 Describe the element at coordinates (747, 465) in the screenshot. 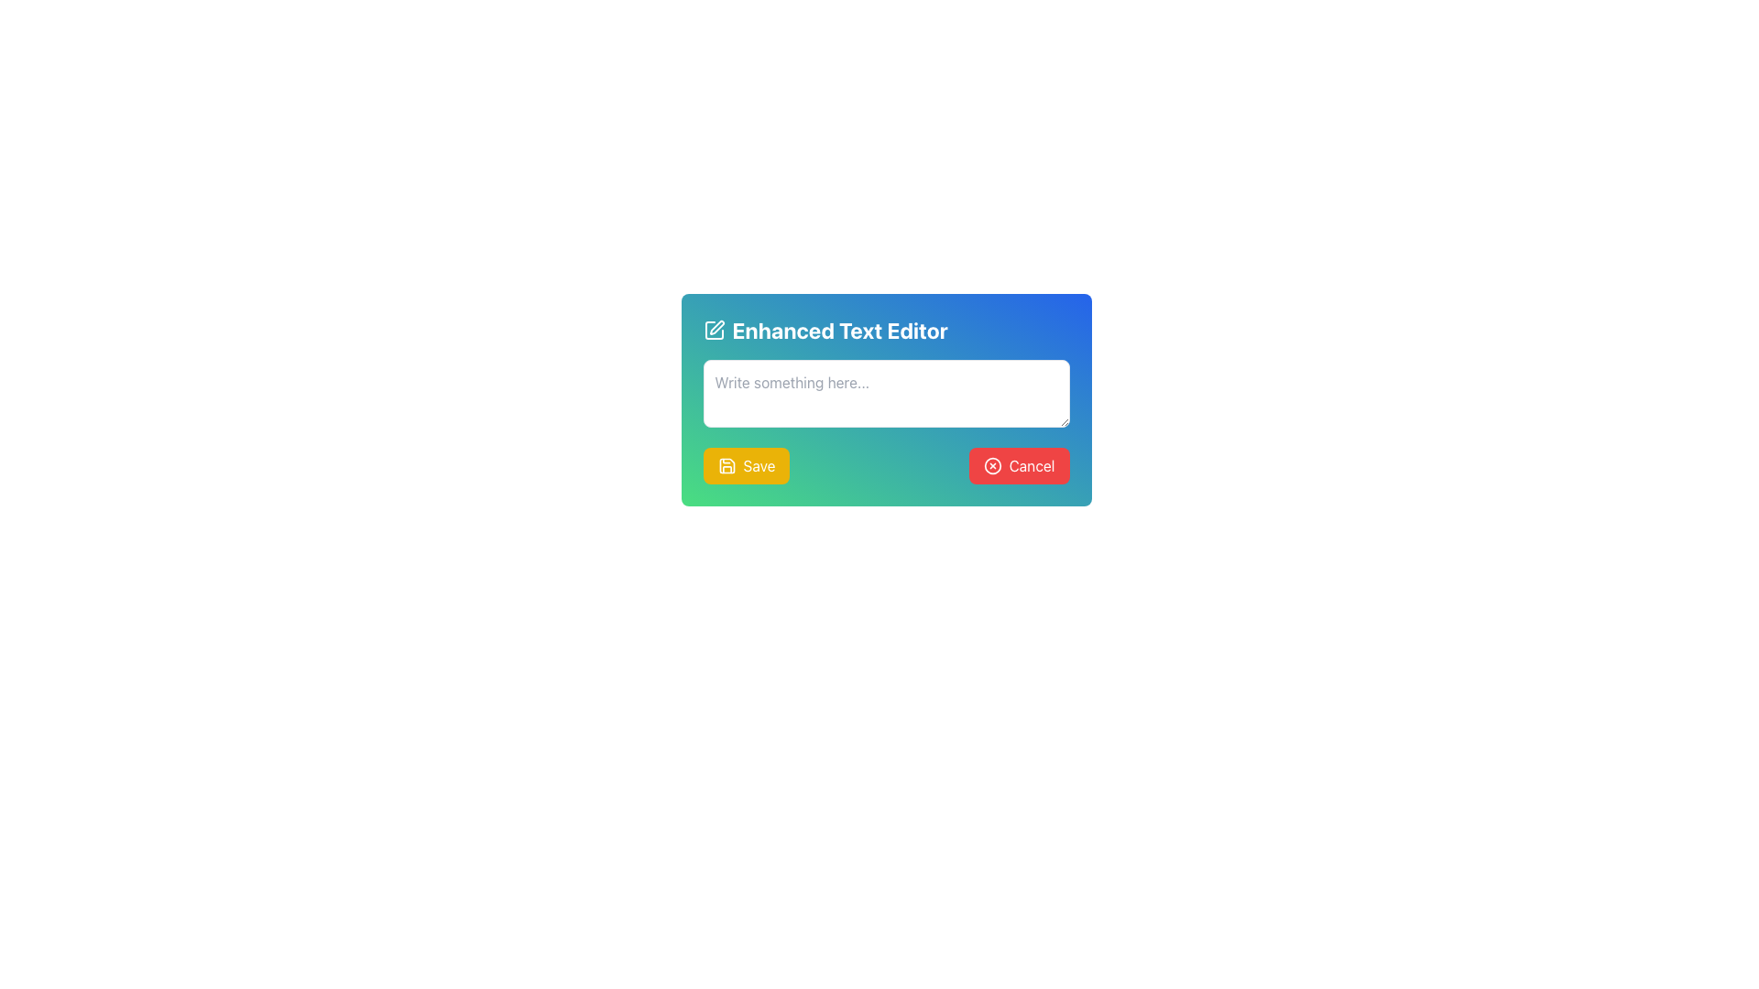

I see `the save button located in the bottom-left corner of the modal interface, which is the first button in the group of two buttons` at that location.